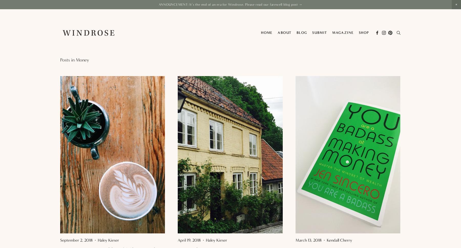 The width and height of the screenshot is (461, 248). I want to click on 'ANNOUNCEMENT: It’s the end of an era for Windrose. Please read our farewell blog post →', so click(230, 4).